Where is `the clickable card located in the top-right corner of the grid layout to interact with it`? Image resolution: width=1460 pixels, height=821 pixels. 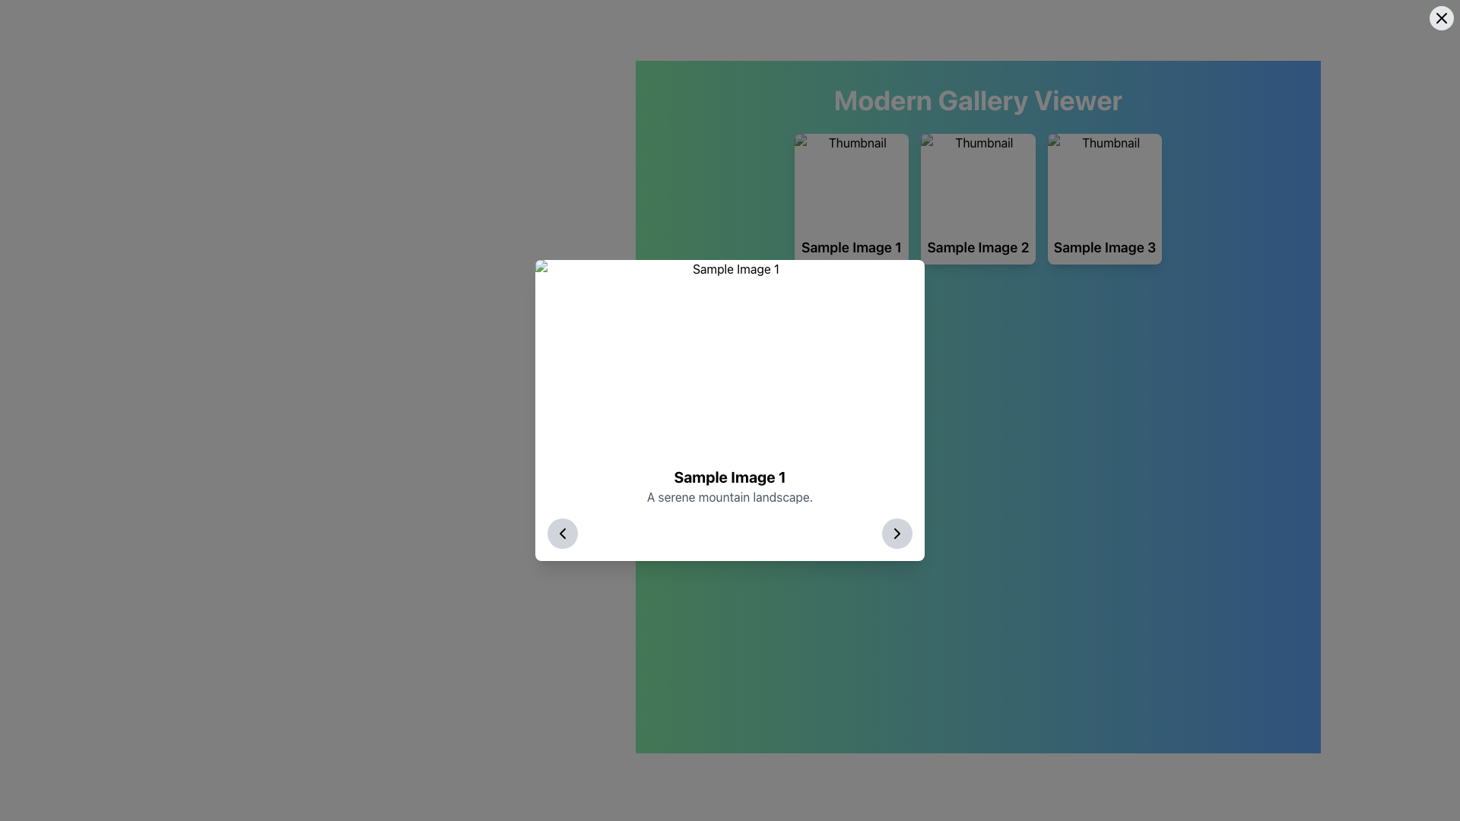 the clickable card located in the top-right corner of the grid layout to interact with it is located at coordinates (1105, 198).